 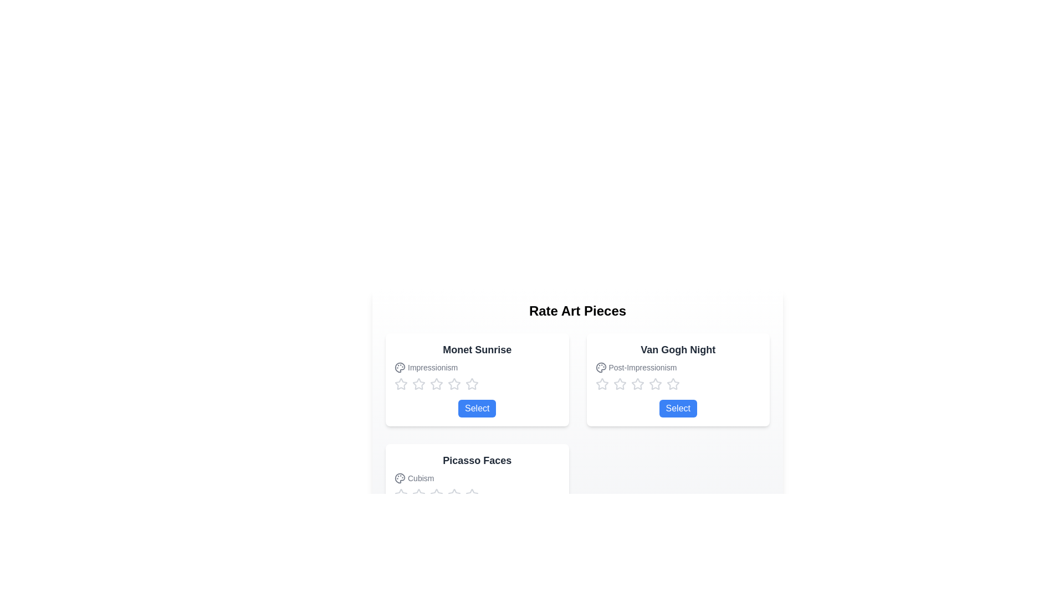 What do you see at coordinates (477, 461) in the screenshot?
I see `the text label 'Picasso Faces' which is styled as a prominent heading with a larger font size and bold weight, located in the third column under the 'Rate Art Pieces' section` at bounding box center [477, 461].